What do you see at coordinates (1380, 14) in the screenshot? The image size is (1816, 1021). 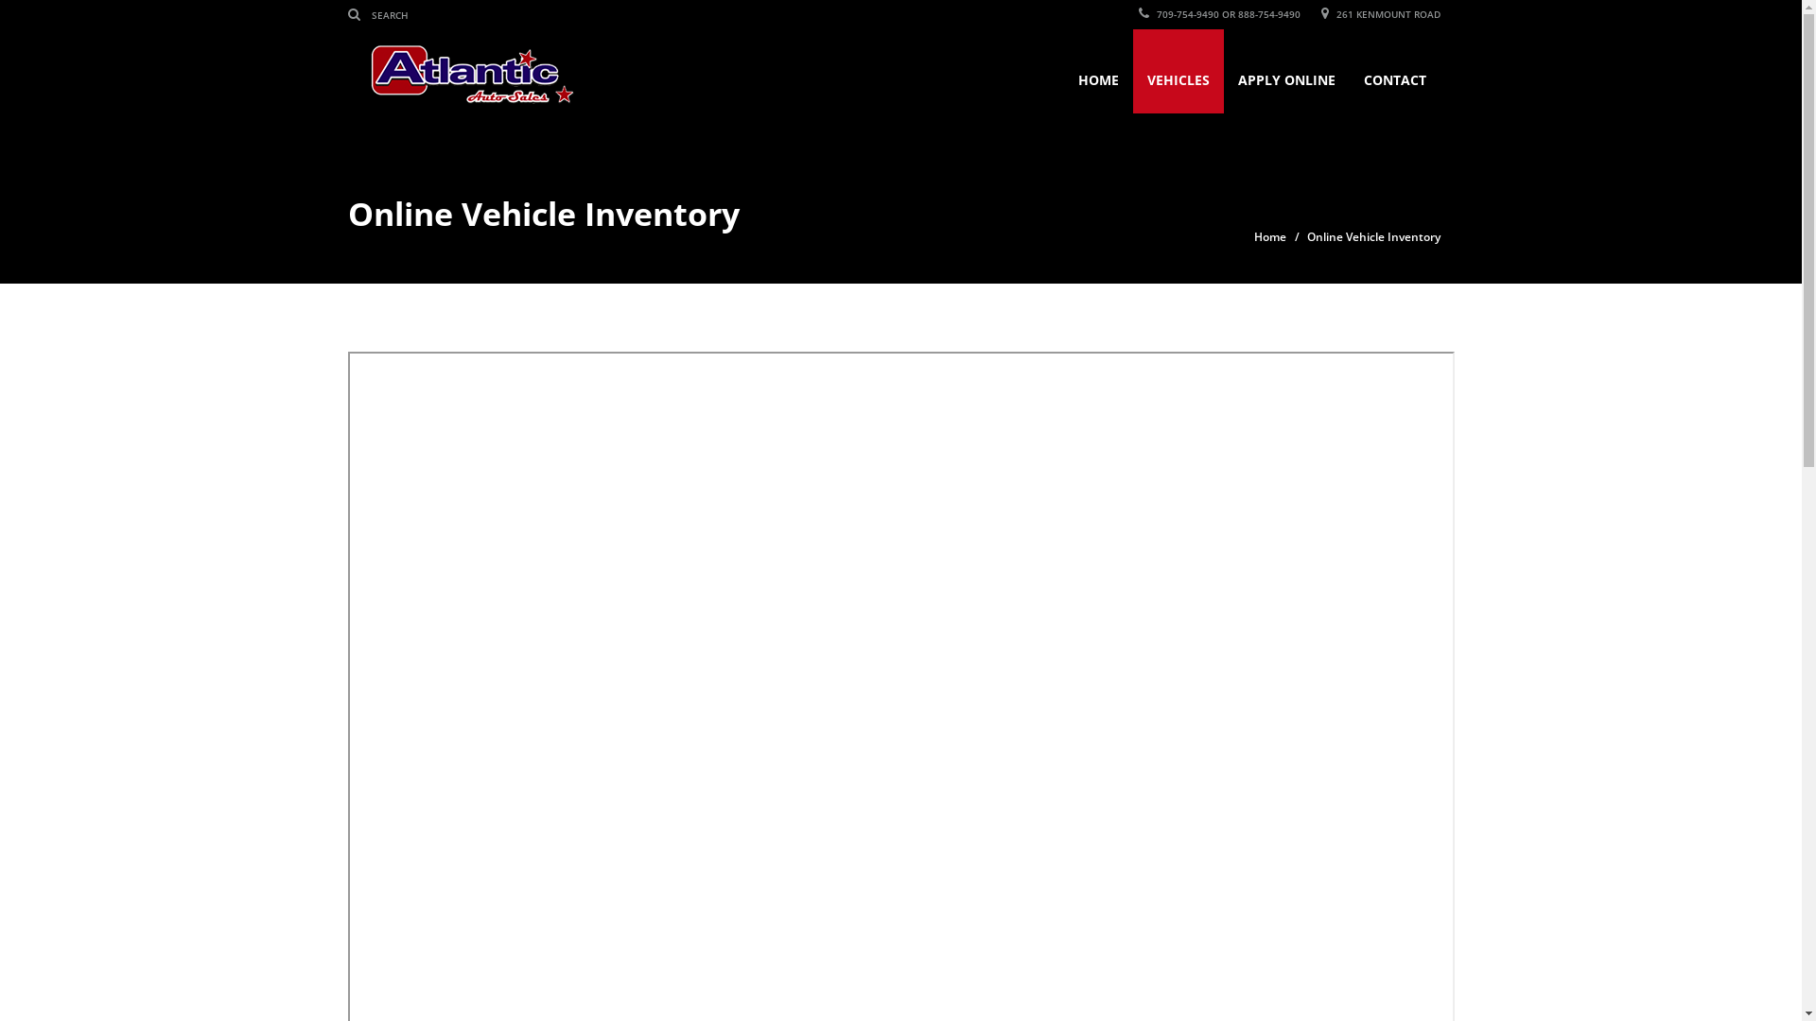 I see `'261 KENMOUNT ROAD'` at bounding box center [1380, 14].